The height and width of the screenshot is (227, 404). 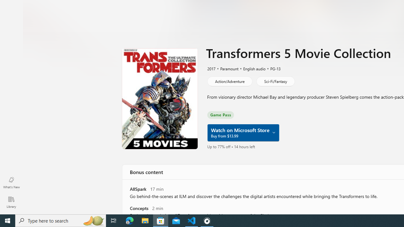 I want to click on 'English audio', so click(x=251, y=68).